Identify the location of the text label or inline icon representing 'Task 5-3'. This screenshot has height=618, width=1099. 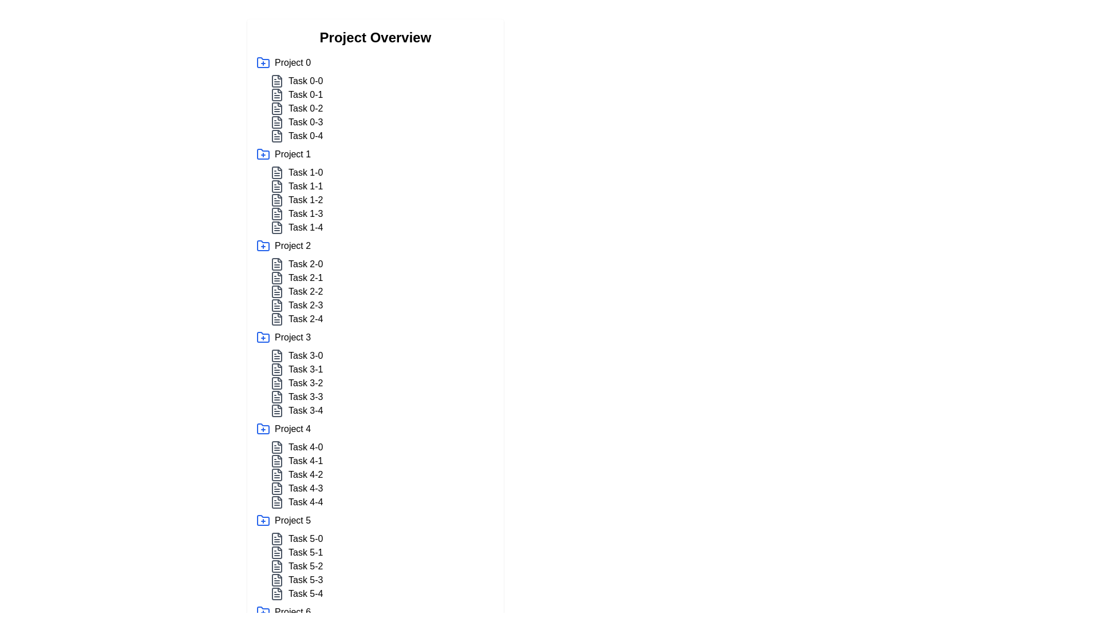
(305, 580).